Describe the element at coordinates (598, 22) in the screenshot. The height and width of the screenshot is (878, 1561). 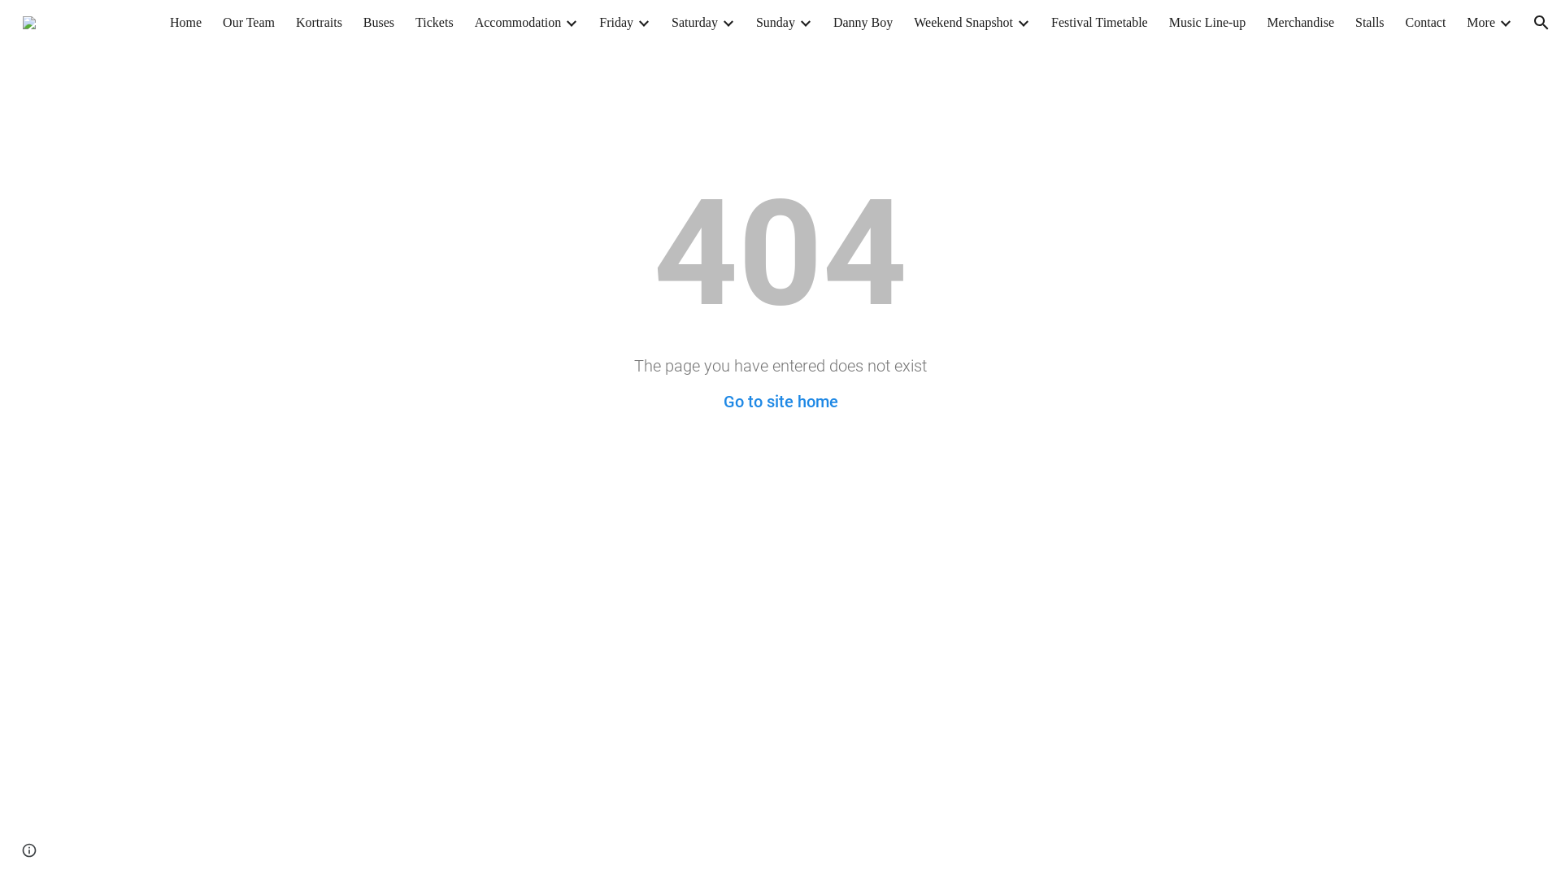
I see `'Friday'` at that location.